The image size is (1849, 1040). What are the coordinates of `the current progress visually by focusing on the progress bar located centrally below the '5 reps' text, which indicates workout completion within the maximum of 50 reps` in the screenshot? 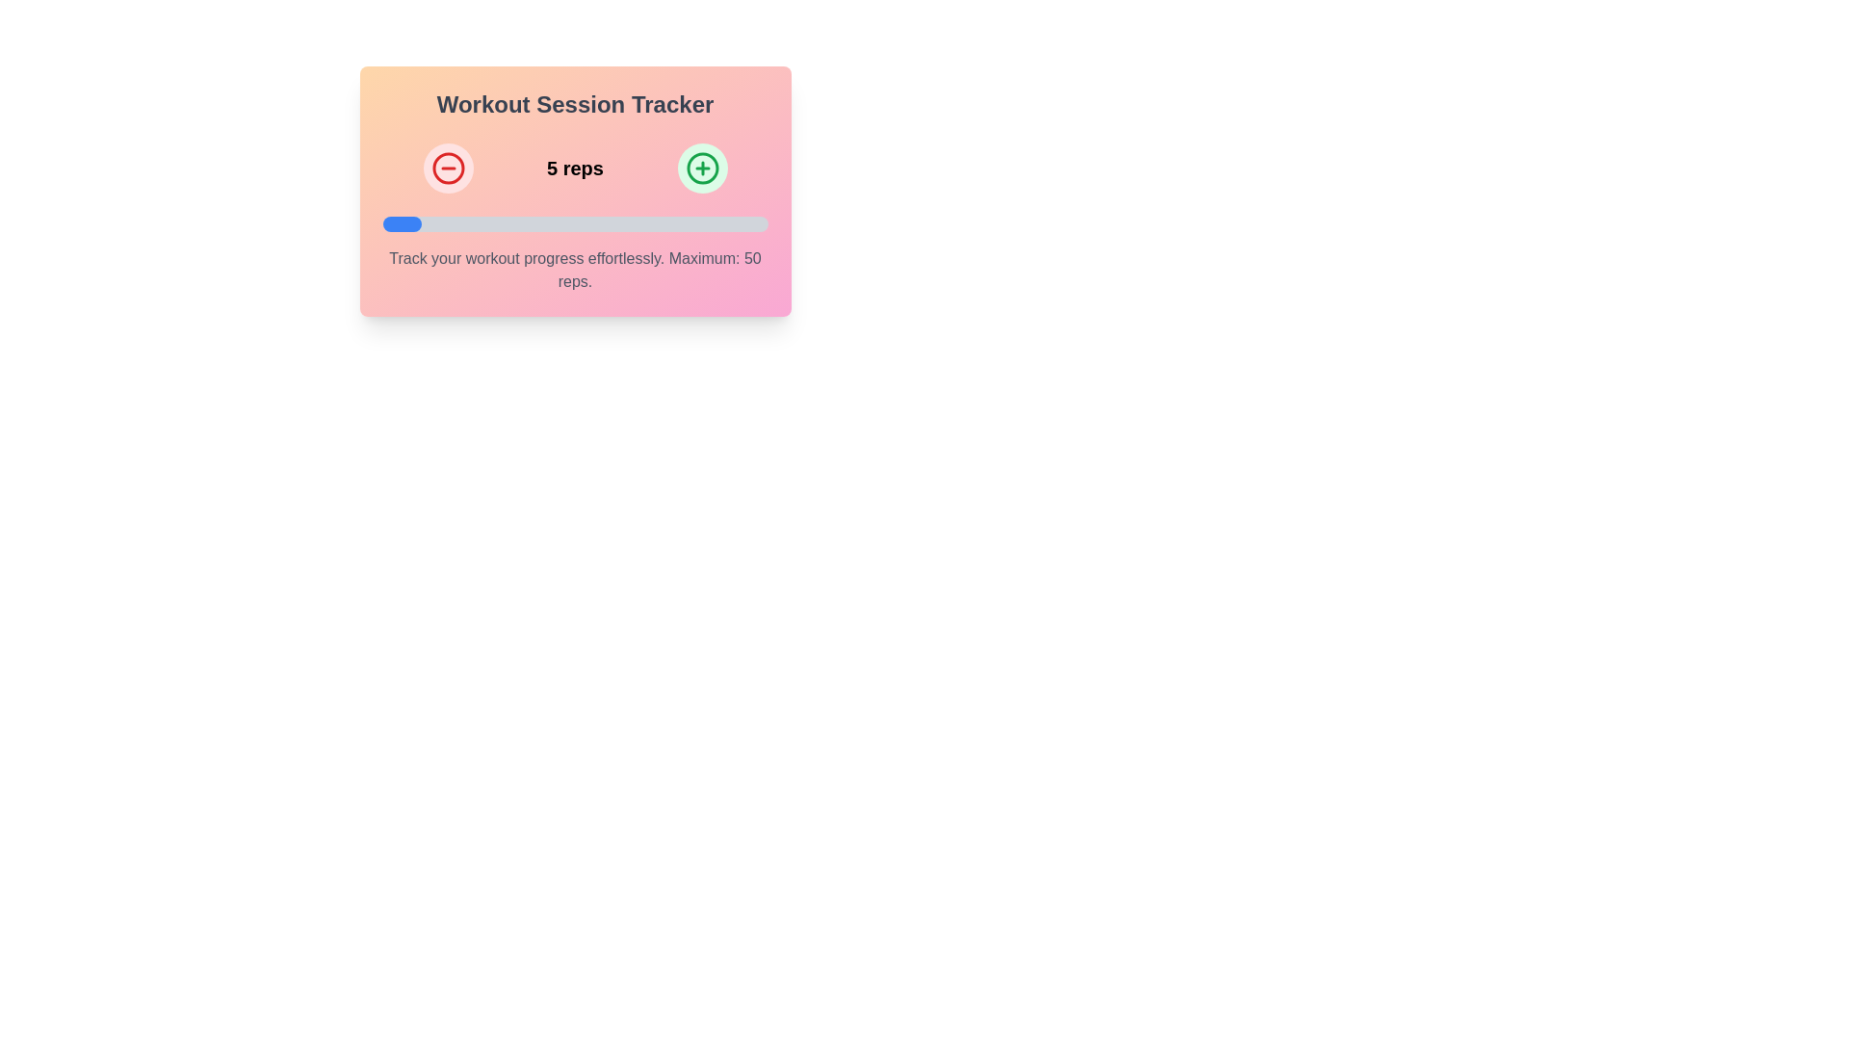 It's located at (574, 222).